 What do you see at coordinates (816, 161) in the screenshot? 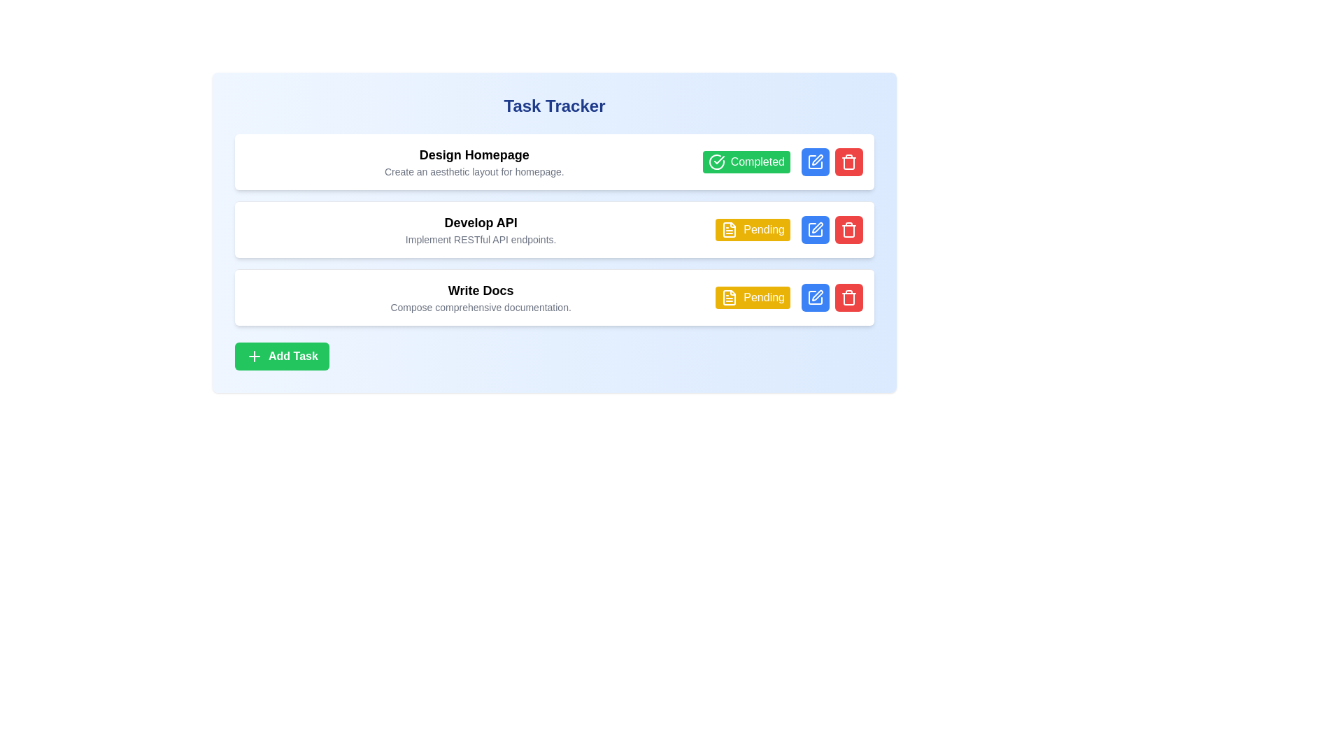
I see `the blue square button with a white pen icon, located to the right of the green 'Completed' button and left of the red 'Delete' button, to change its color` at bounding box center [816, 161].